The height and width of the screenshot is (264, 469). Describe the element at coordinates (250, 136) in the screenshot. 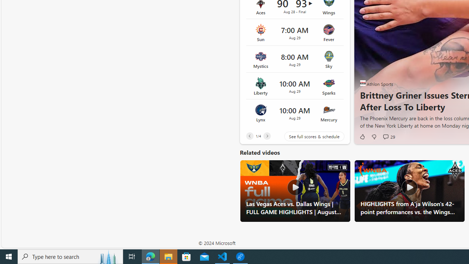

I see `'Previous'` at that location.